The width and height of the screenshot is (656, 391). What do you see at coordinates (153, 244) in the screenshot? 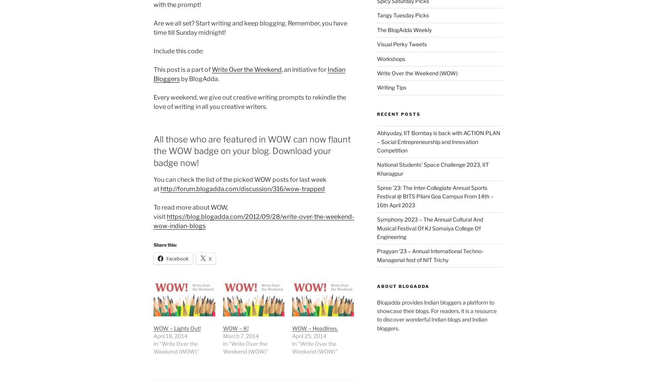
I see `'Share this:'` at bounding box center [153, 244].